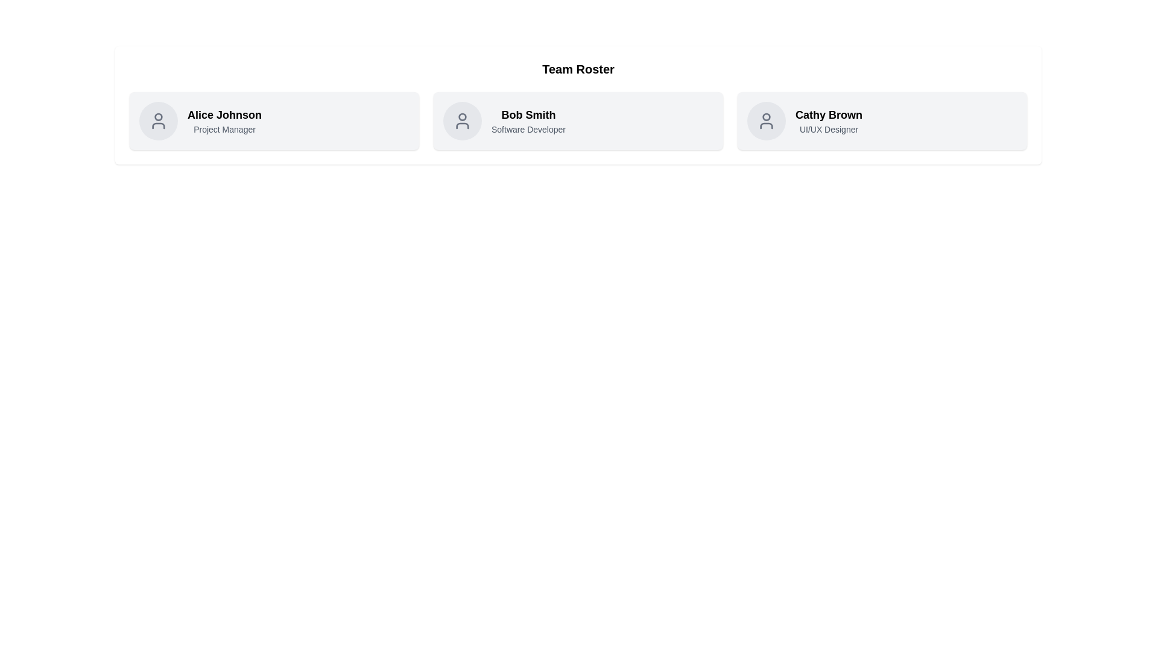 The height and width of the screenshot is (651, 1158). What do you see at coordinates (274, 121) in the screenshot?
I see `name and job title information from the profile card component, which is the first card in a 3-column grid layout` at bounding box center [274, 121].